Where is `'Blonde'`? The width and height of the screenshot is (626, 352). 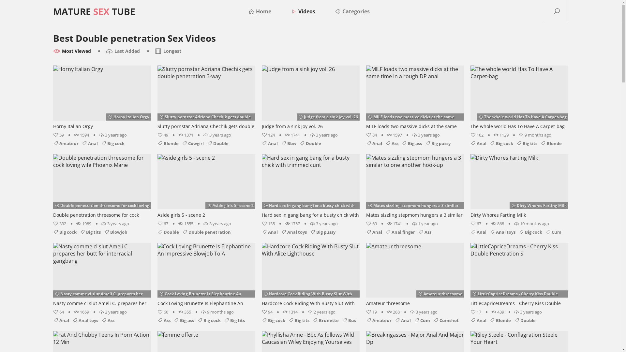
'Blonde' is located at coordinates (157, 143).